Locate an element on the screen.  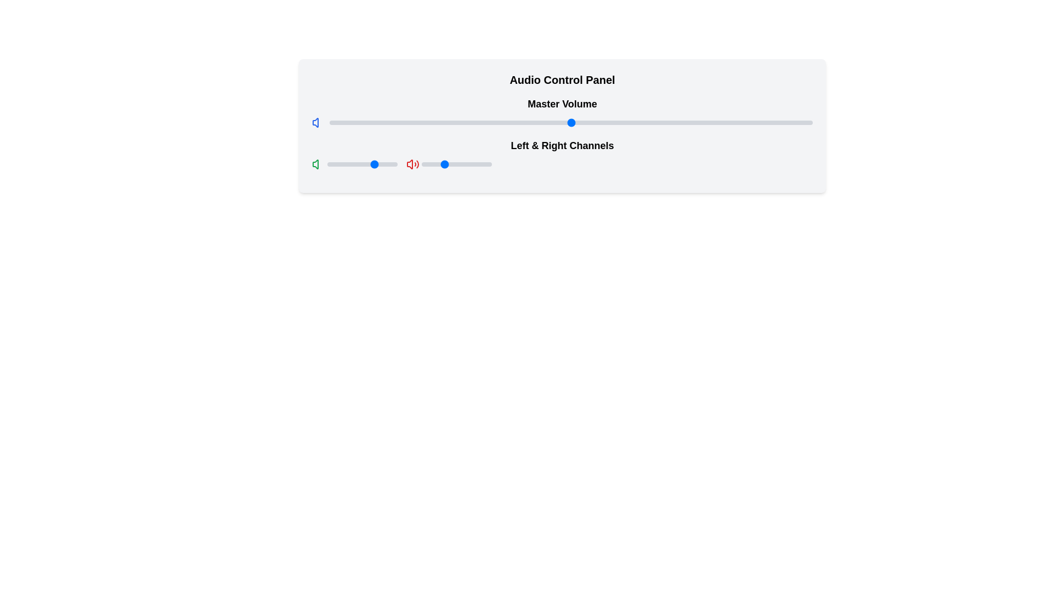
the master volume is located at coordinates (585, 122).